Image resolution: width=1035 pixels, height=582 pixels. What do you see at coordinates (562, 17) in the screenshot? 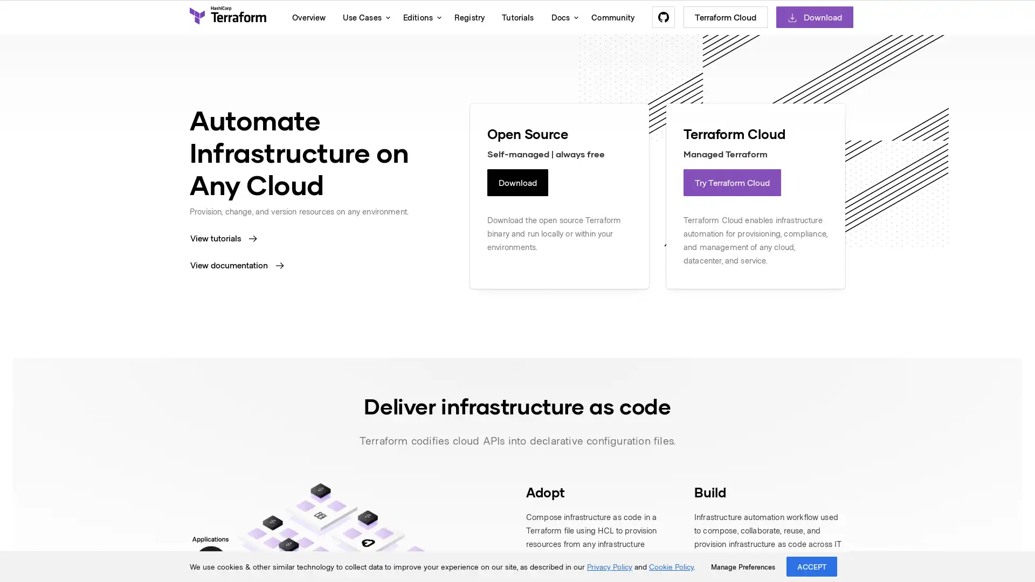
I see `Docs` at bounding box center [562, 17].